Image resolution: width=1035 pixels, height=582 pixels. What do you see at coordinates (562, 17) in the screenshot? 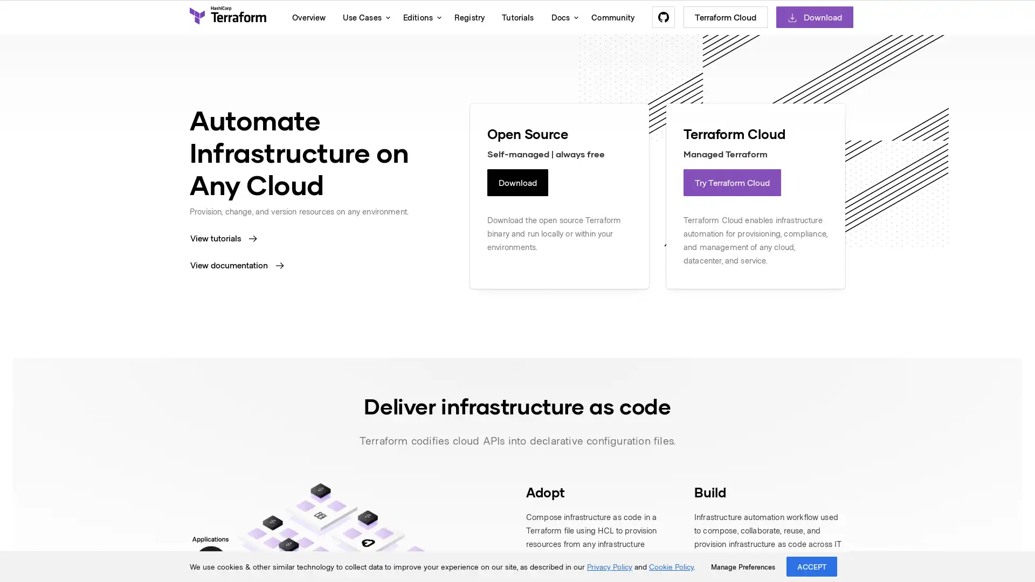
I see `Docs` at bounding box center [562, 17].